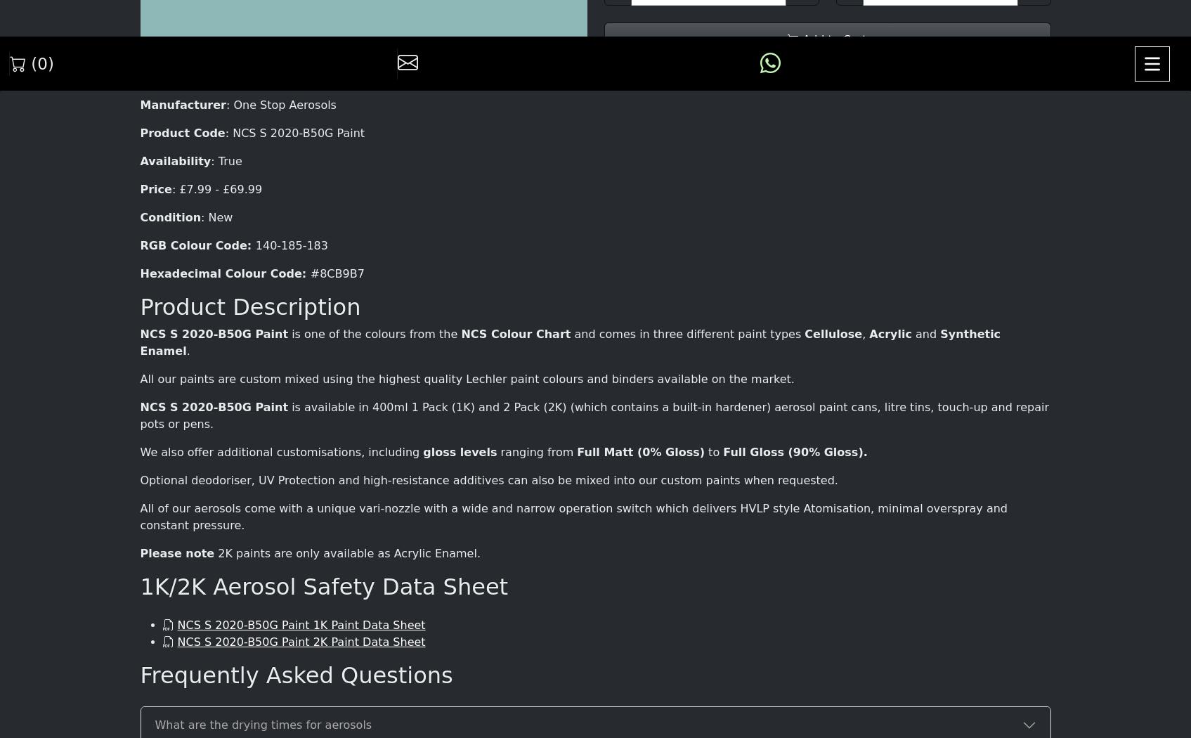 This screenshot has width=1191, height=738. What do you see at coordinates (176, 224) in the screenshot?
I see `'Please note'` at bounding box center [176, 224].